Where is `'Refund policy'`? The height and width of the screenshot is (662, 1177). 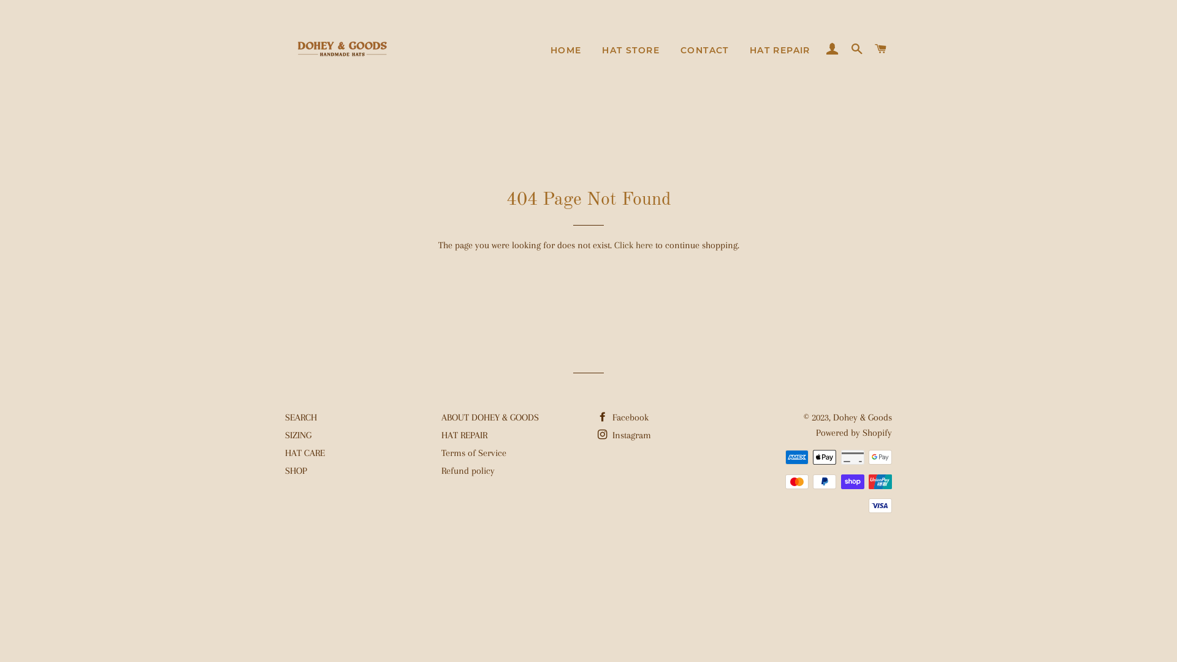 'Refund policy' is located at coordinates (467, 470).